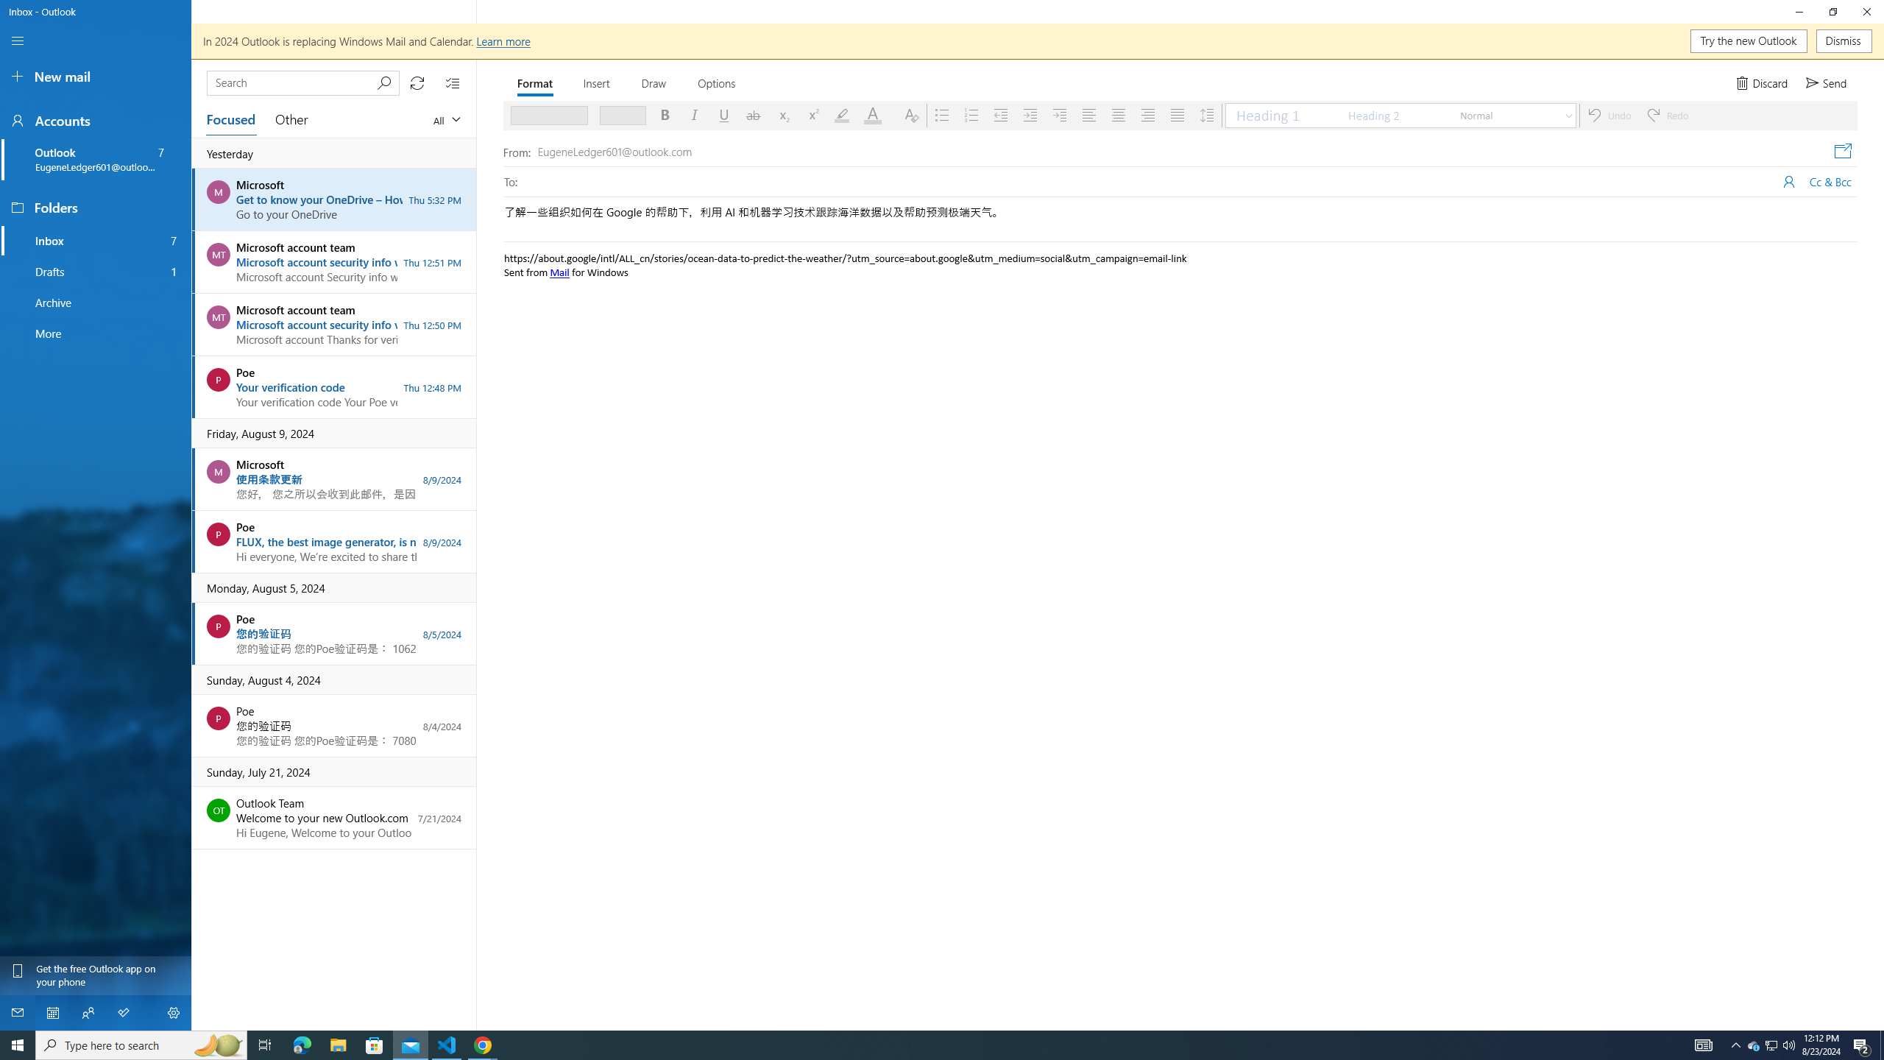 Image resolution: width=1884 pixels, height=1060 pixels. Describe the element at coordinates (1827, 82) in the screenshot. I see `'Send'` at that location.